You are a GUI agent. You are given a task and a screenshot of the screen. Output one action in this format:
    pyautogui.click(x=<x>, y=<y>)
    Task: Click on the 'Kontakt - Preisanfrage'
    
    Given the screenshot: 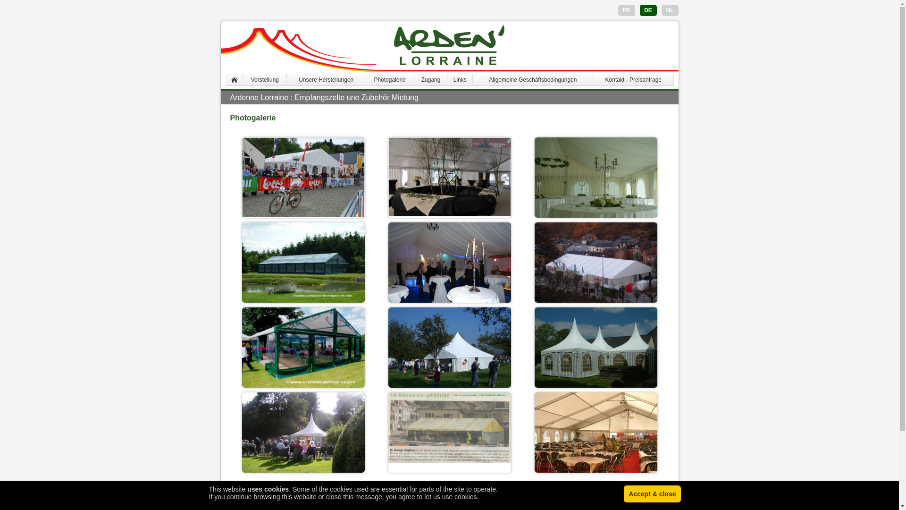 What is the action you would take?
    pyautogui.click(x=633, y=79)
    